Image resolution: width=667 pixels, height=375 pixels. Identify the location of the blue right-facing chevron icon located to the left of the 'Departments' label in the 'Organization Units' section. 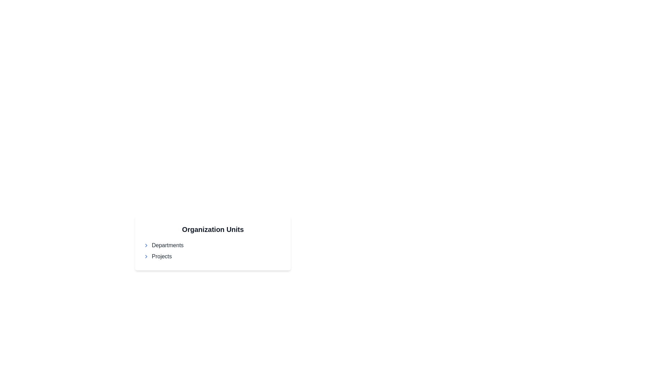
(146, 245).